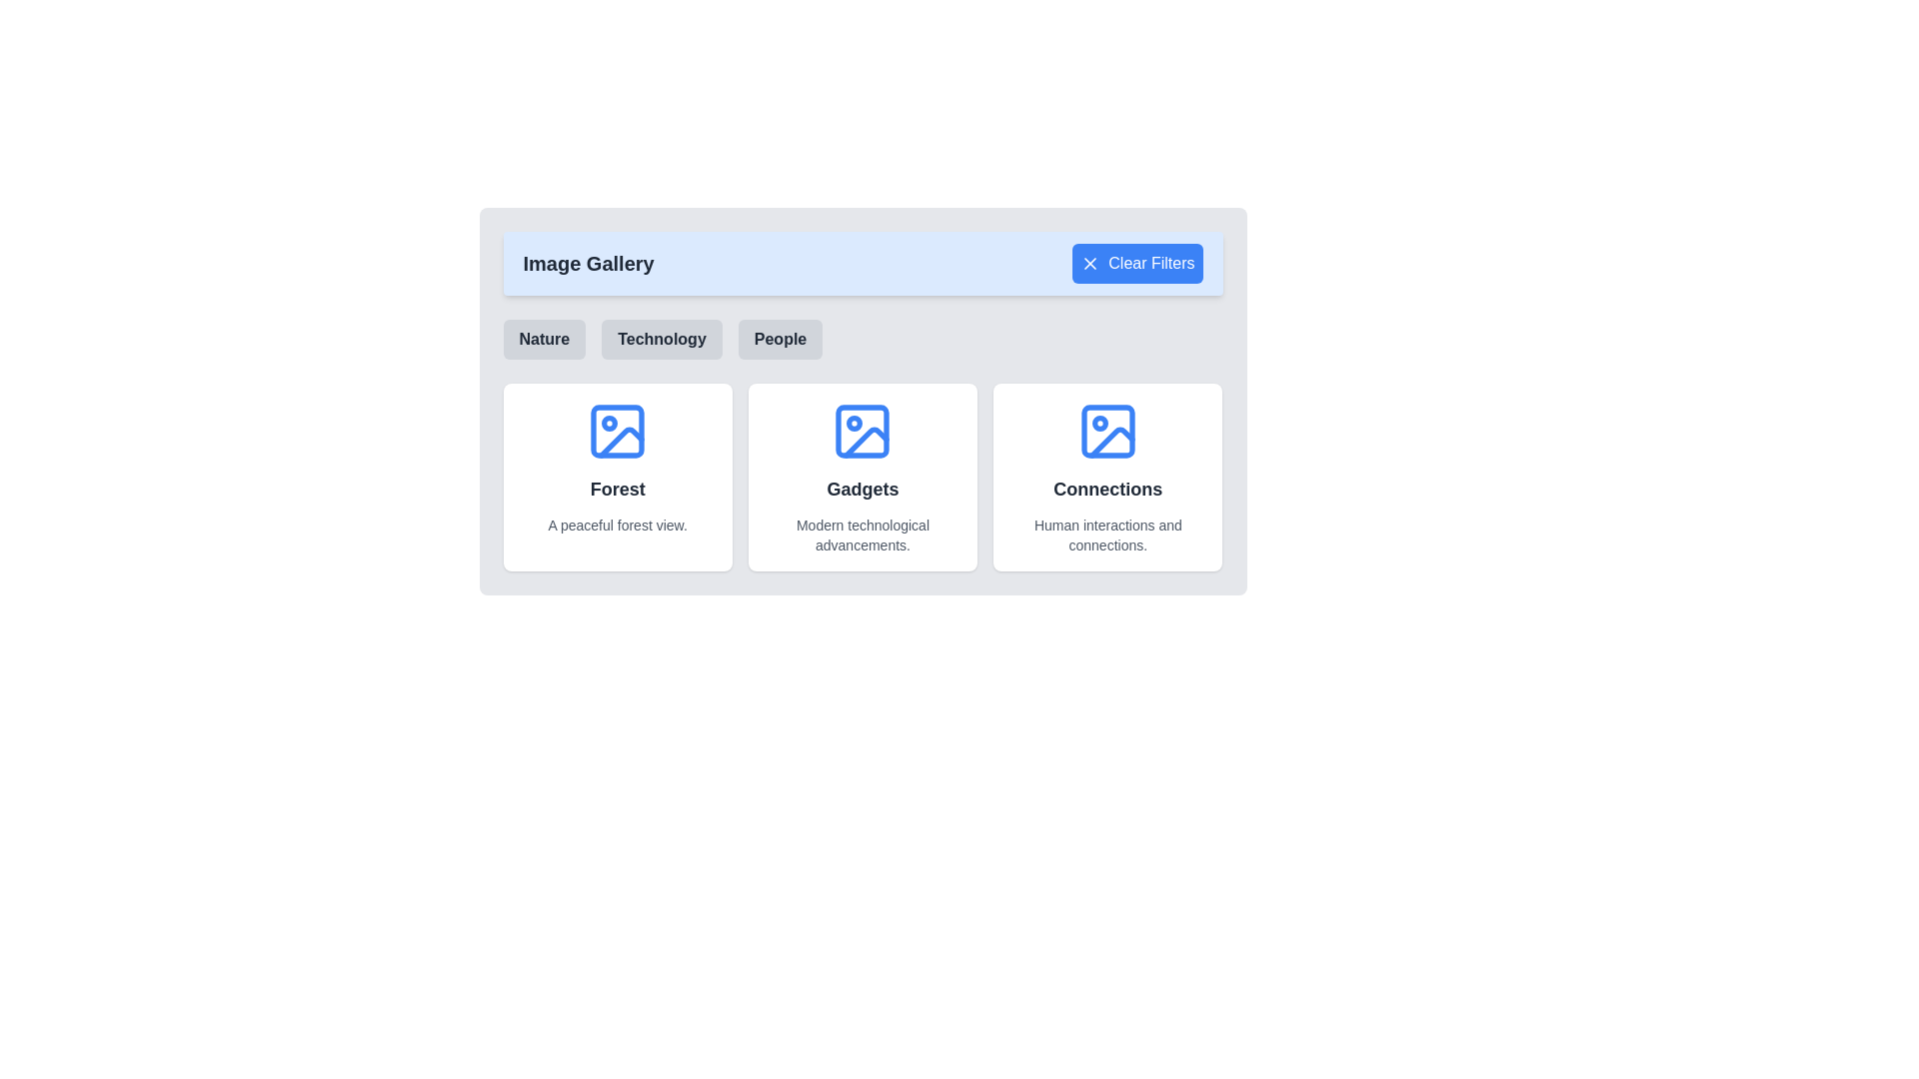 The width and height of the screenshot is (1919, 1079). Describe the element at coordinates (609, 423) in the screenshot. I see `the small SVG circle element with a radius of 2 units, located in the top-left corner of the 'Forest' card, which is part of a broader image icon` at that location.